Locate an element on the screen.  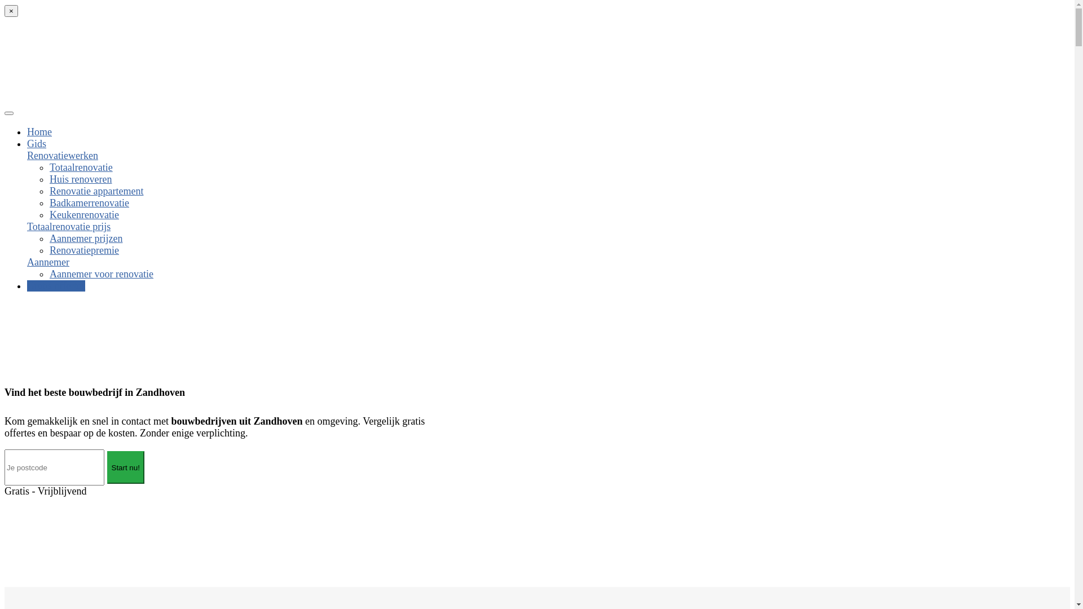
'Renovatiepremie' is located at coordinates (83, 249).